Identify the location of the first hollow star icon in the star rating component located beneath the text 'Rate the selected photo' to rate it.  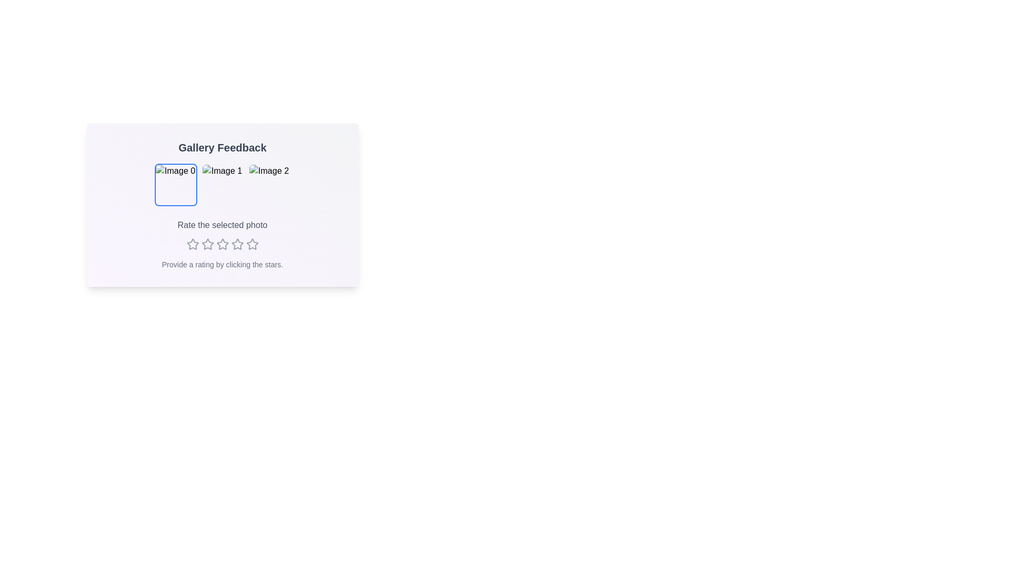
(193, 244).